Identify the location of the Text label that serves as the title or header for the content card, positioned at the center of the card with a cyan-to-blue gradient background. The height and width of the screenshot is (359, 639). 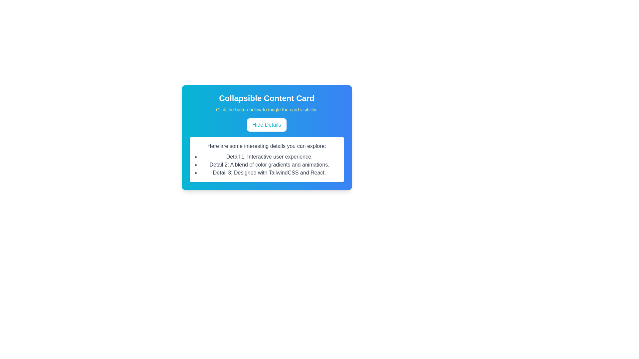
(267, 98).